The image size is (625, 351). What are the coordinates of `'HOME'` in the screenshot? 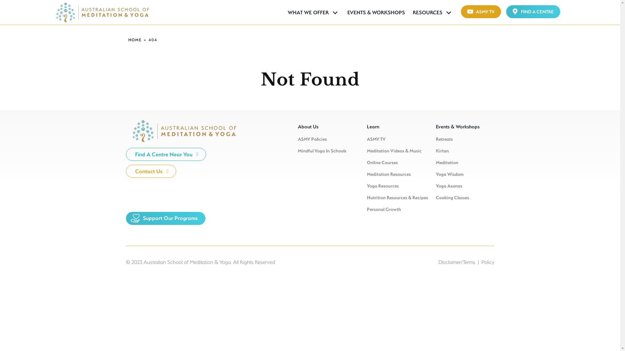 It's located at (134, 40).